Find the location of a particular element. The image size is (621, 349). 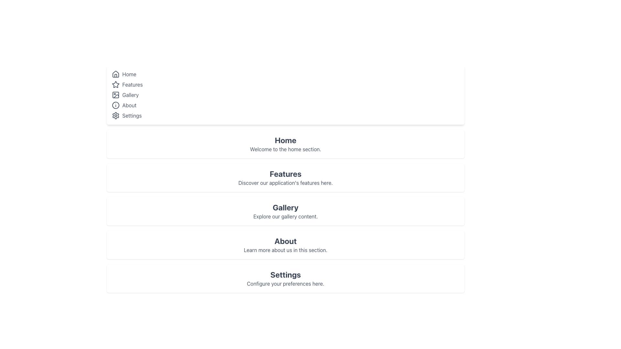

the background rectangular shape supporting the 'Gallery' icon in the navigation list, located directly above the 'About' icon is located at coordinates (116, 95).